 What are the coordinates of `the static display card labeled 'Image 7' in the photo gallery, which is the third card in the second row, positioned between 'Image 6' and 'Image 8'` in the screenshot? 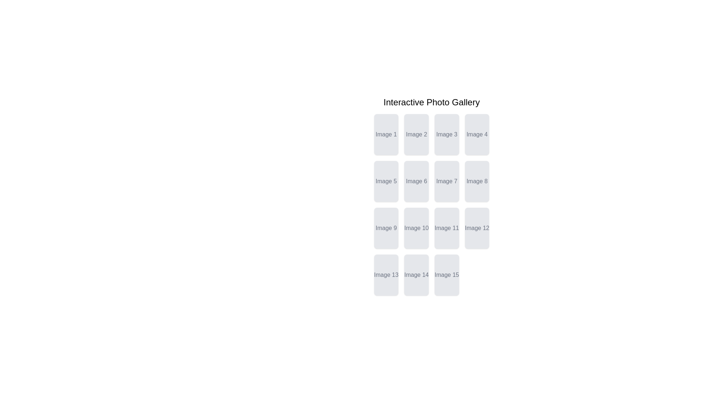 It's located at (446, 181).